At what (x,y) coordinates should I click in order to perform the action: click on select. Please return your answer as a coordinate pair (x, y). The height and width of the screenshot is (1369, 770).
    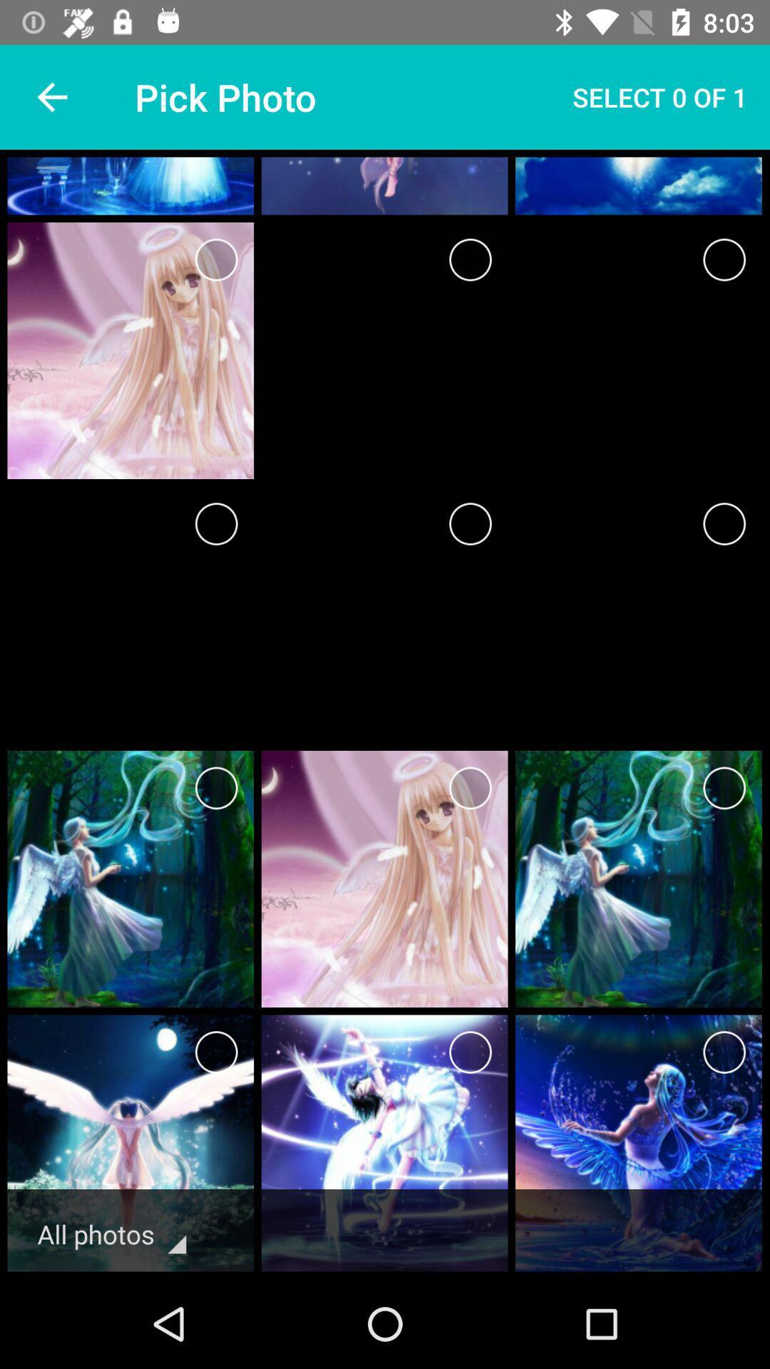
    Looking at the image, I should click on (470, 787).